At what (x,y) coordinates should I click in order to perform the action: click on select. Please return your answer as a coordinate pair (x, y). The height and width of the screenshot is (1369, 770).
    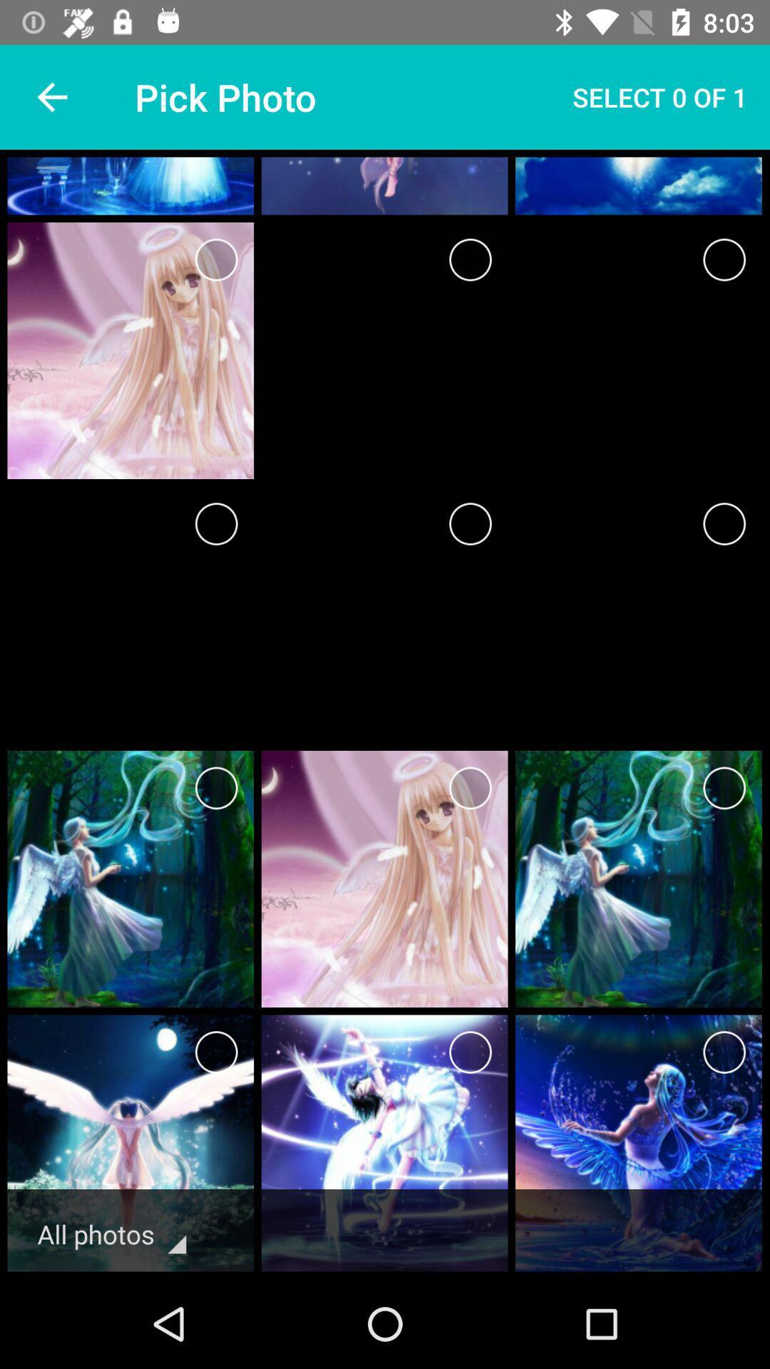
    Looking at the image, I should click on (470, 787).